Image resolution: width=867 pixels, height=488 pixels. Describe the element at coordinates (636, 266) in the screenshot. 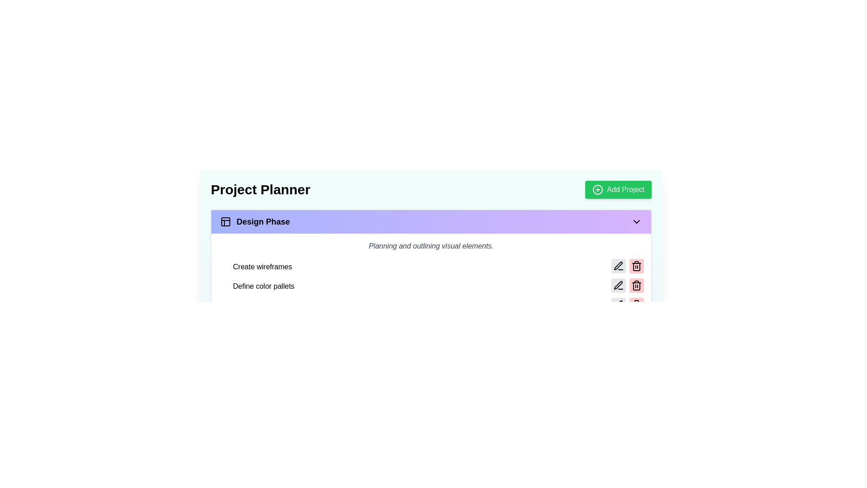

I see `the delete button located in the 'Design Phase' section, which is the second item in a row of two buttons` at that location.